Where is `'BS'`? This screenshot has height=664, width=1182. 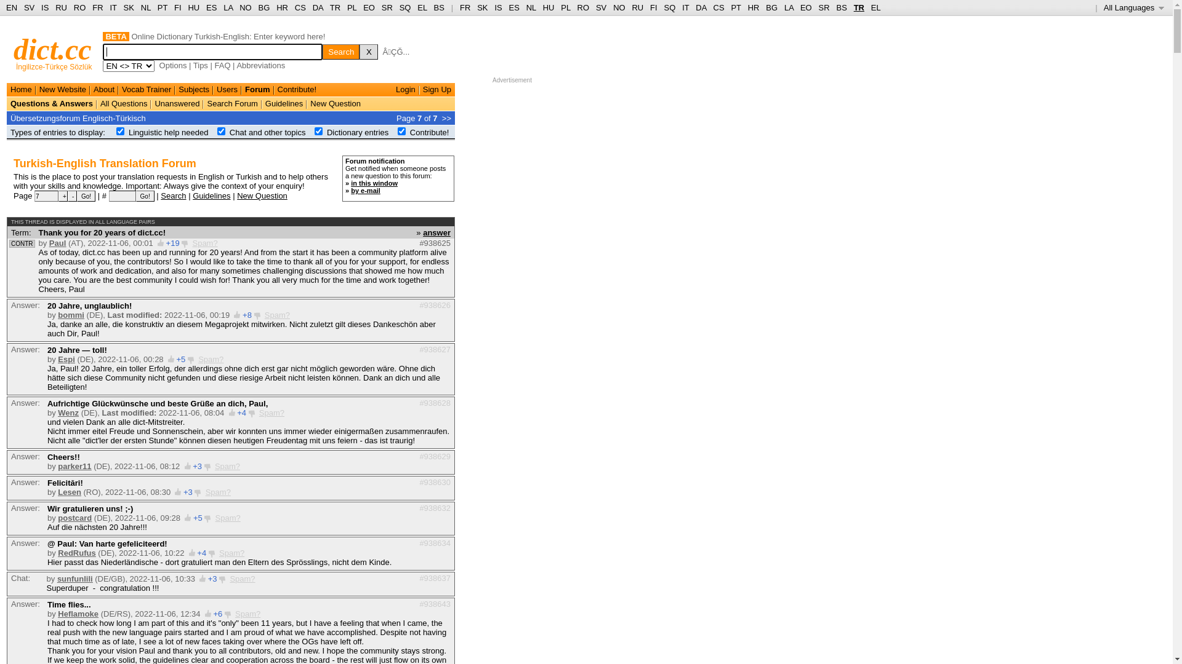 'BS' is located at coordinates (840, 7).